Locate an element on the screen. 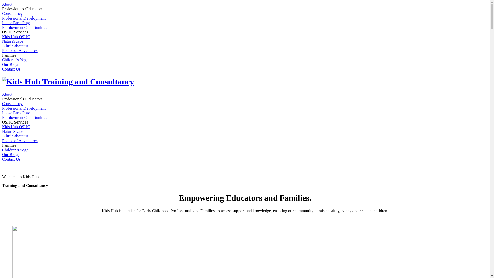 Image resolution: width=494 pixels, height=278 pixels. 'About' is located at coordinates (7, 4).